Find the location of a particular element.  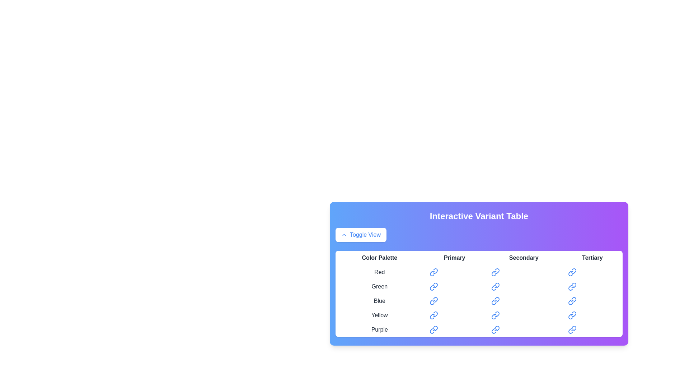

the link icon in the 'Secondary' column of the 'Interactive Variant Table', located in the 'Yellow' row is located at coordinates (493, 316).